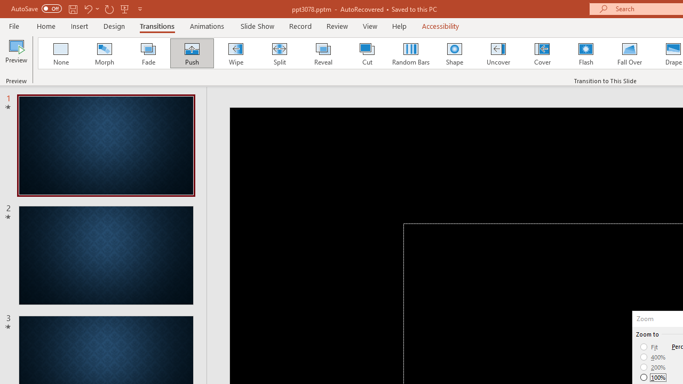 The height and width of the screenshot is (384, 683). What do you see at coordinates (653, 377) in the screenshot?
I see `'100%'` at bounding box center [653, 377].